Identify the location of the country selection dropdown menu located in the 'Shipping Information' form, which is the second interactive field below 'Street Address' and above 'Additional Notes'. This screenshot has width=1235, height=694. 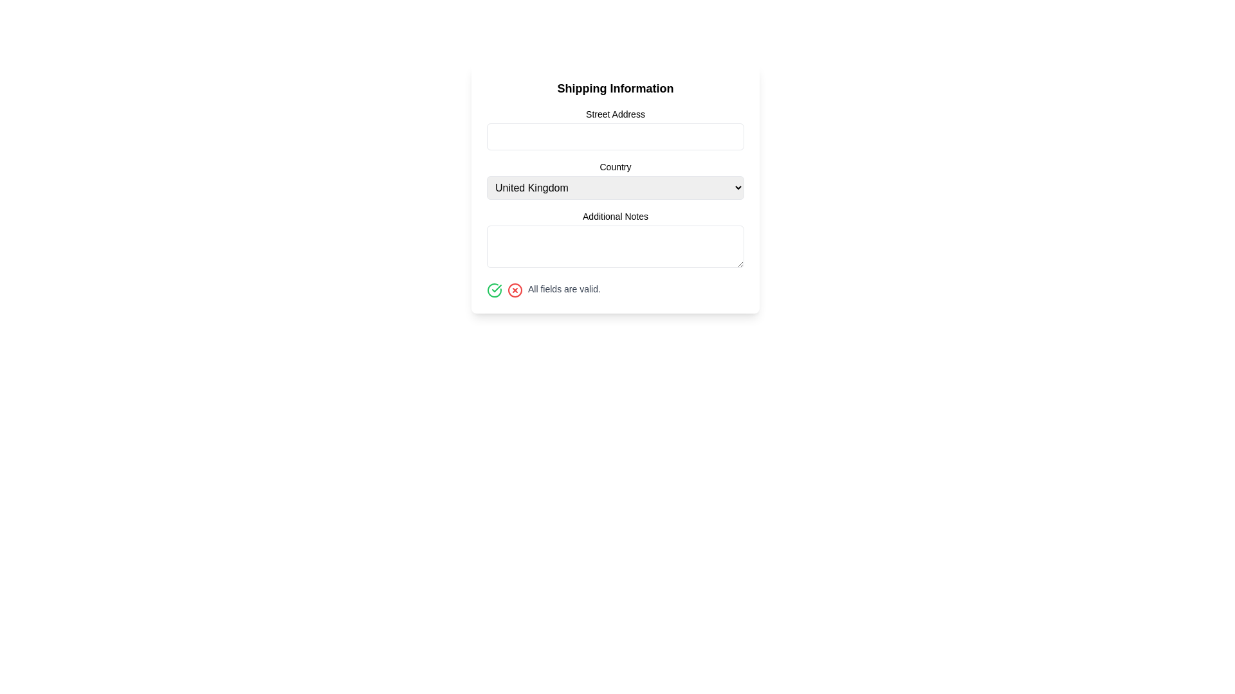
(614, 188).